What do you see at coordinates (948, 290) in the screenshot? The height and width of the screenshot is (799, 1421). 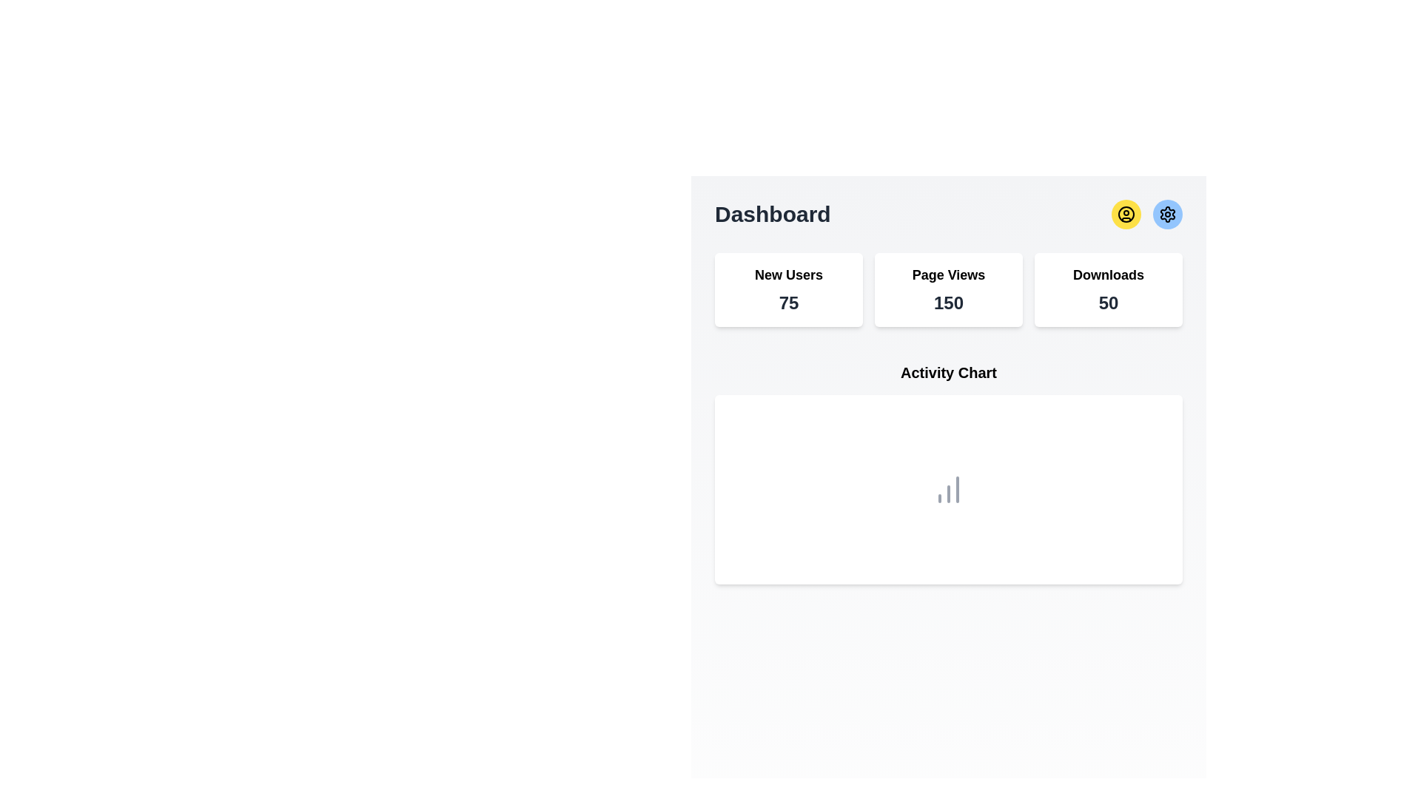 I see `the Display Card that shows 'Page Views' and '150' in a bold font, located between the 'New Users' and 'Downloads' cards` at bounding box center [948, 290].